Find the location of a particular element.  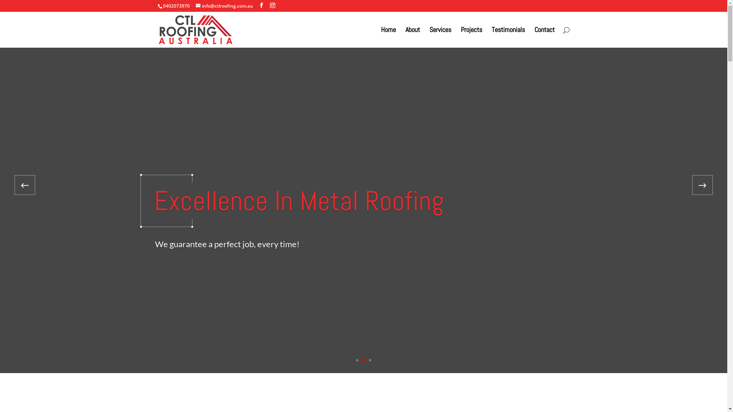

'2' is located at coordinates (363, 360).